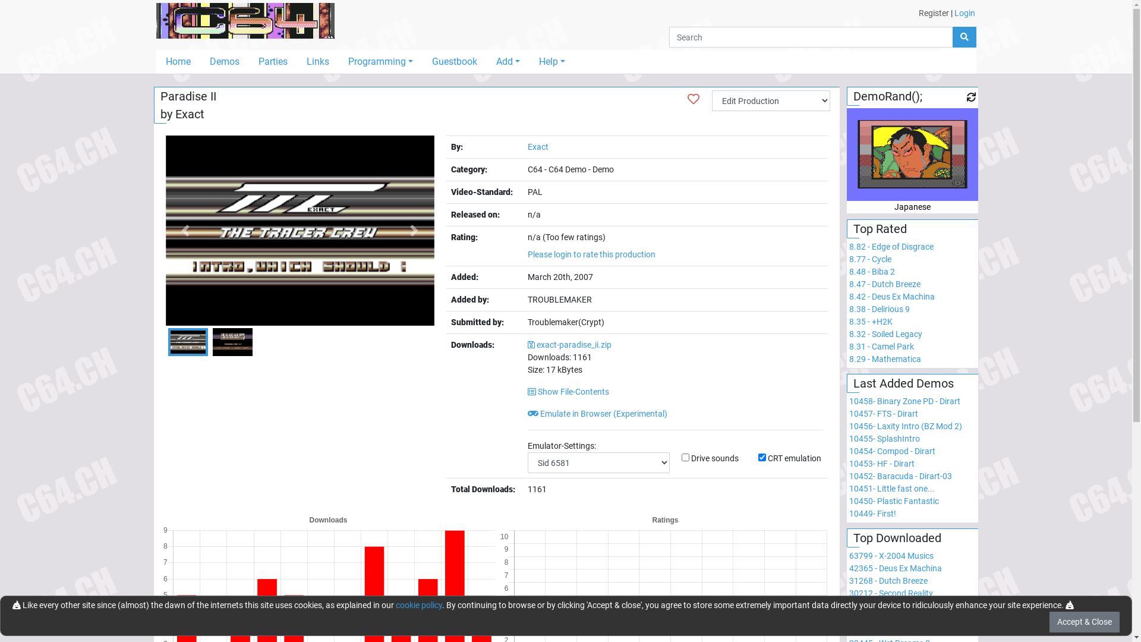  I want to click on '10451- Little fast one...', so click(892, 488).